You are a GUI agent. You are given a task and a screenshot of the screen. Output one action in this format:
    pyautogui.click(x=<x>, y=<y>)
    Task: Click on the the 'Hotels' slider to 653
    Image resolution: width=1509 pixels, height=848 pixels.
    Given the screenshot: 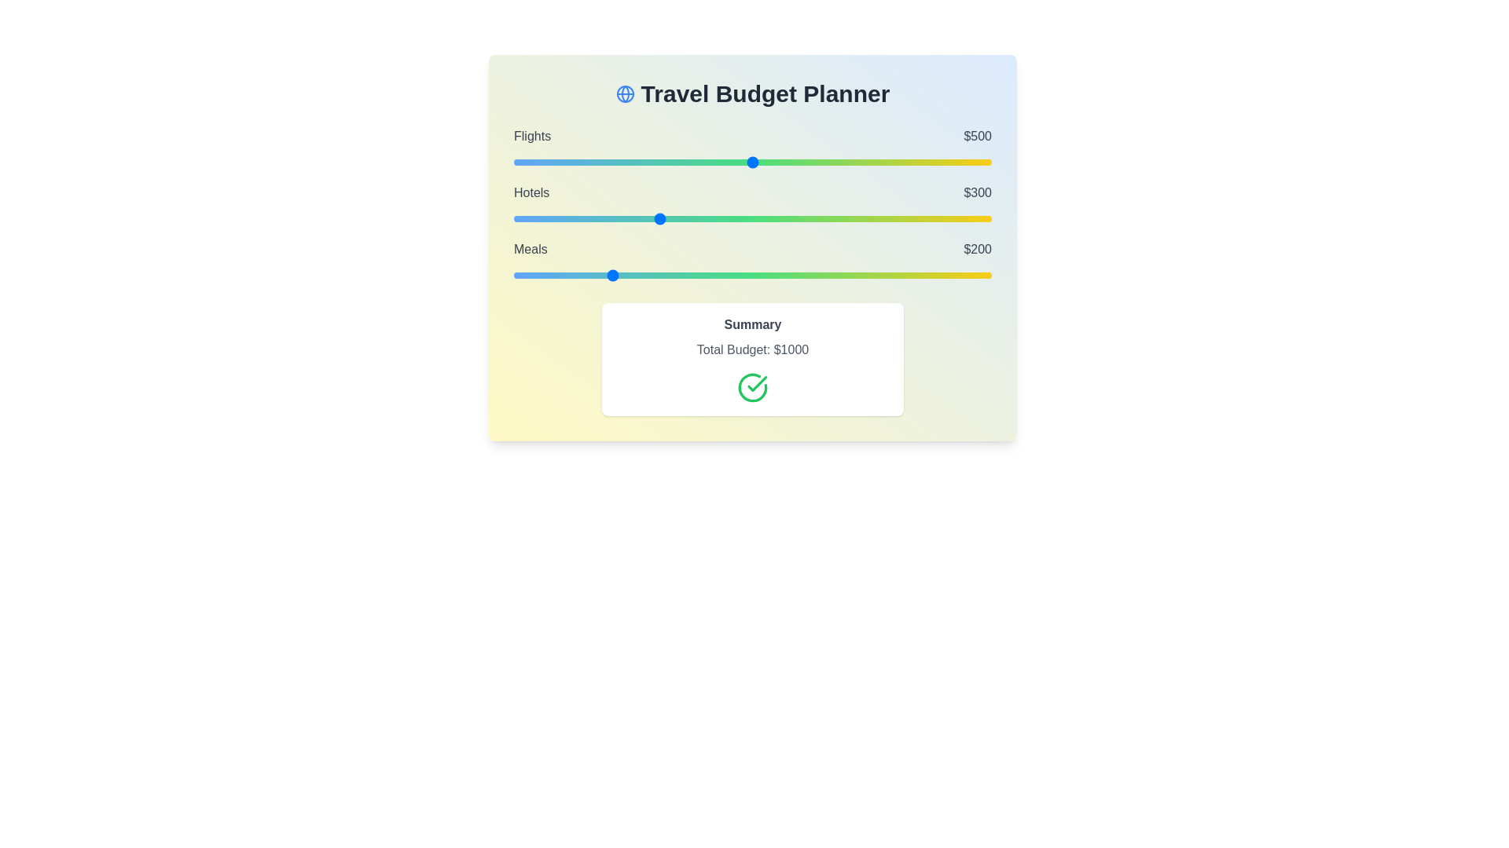 What is the action you would take?
    pyautogui.click(x=825, y=218)
    